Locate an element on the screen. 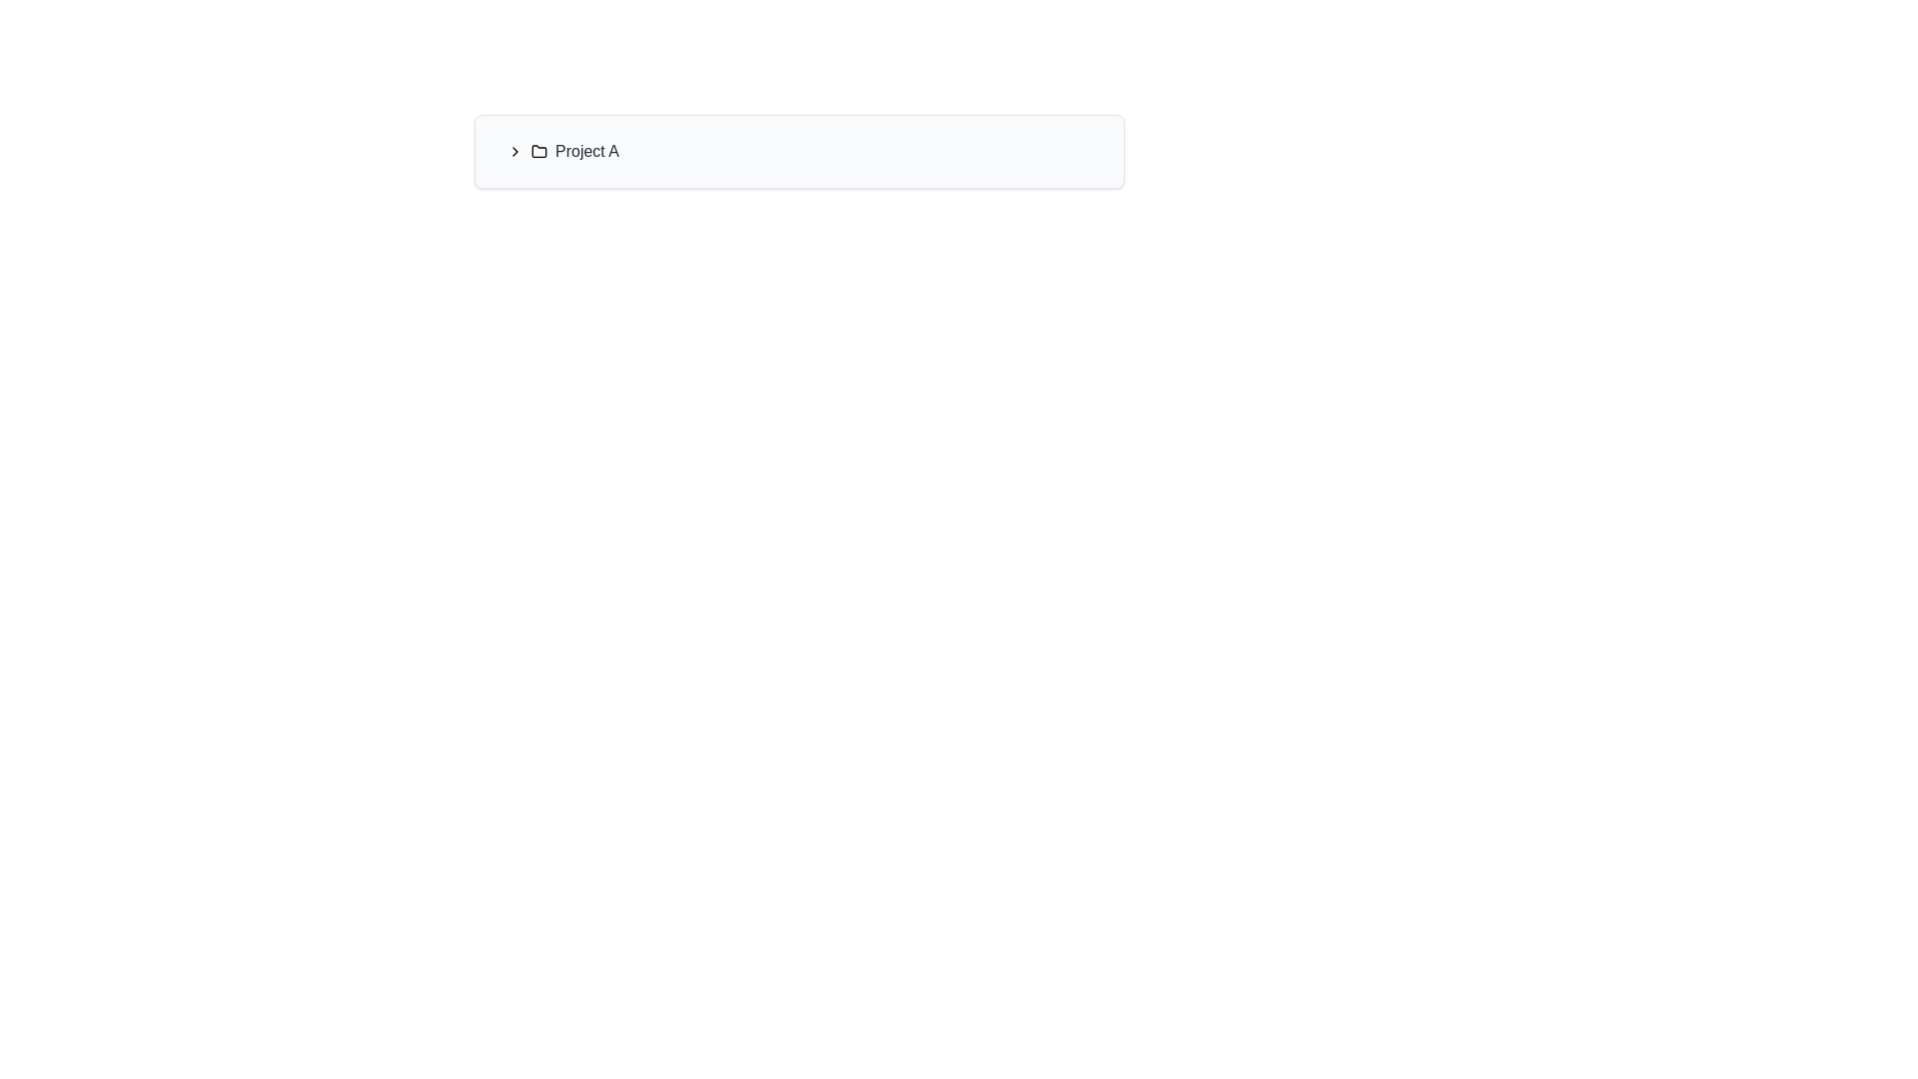  the leftmost chevron icon in the horizontal group containing the text 'Project A', which triggers navigation or expansion of options is located at coordinates (514, 150).